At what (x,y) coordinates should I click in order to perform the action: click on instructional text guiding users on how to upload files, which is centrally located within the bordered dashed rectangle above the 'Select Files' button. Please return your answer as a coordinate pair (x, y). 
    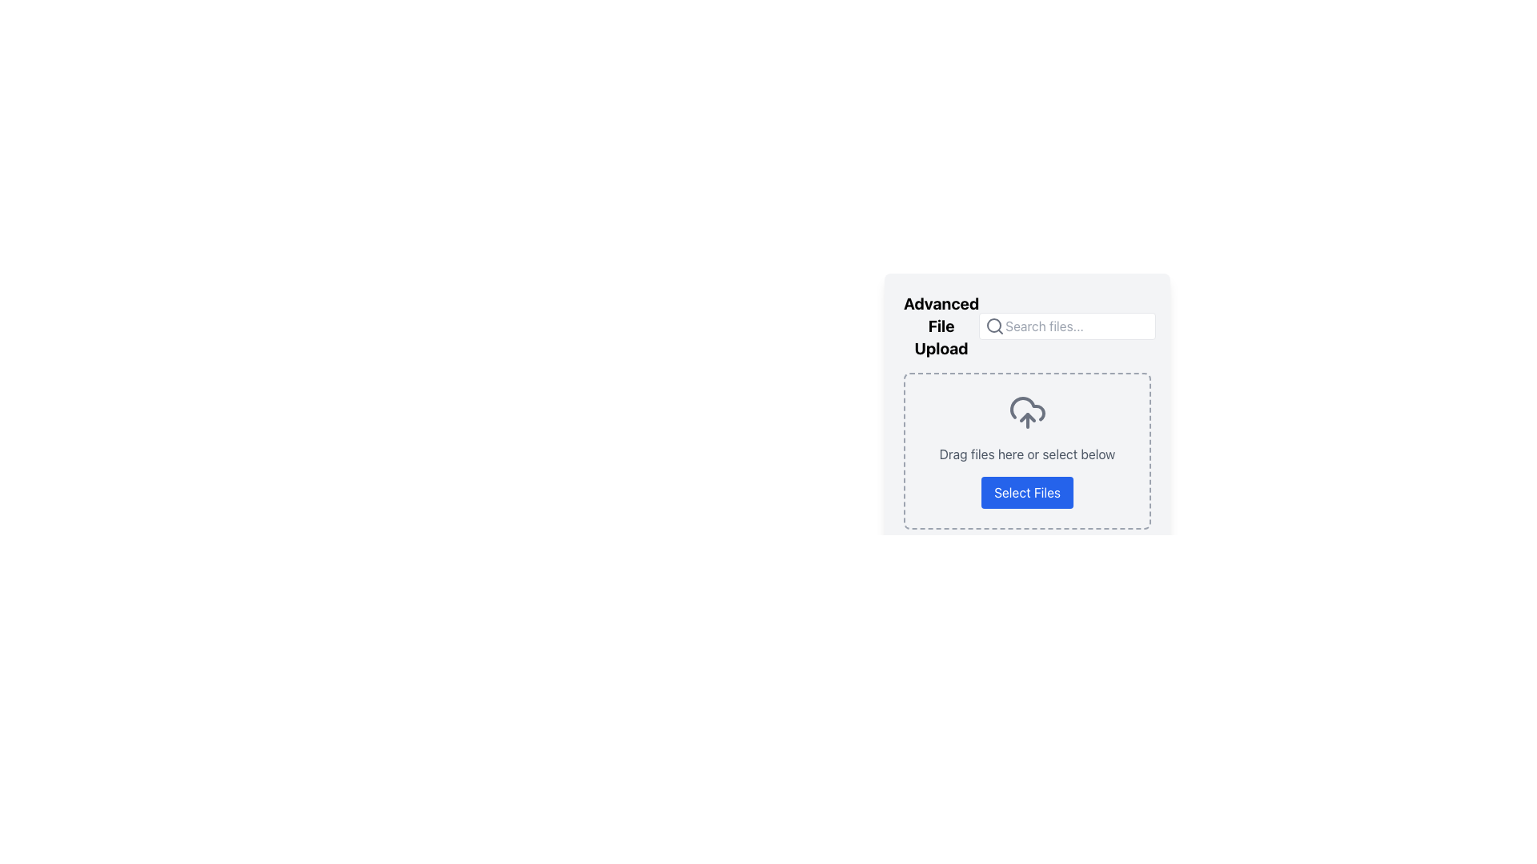
    Looking at the image, I should click on (1027, 454).